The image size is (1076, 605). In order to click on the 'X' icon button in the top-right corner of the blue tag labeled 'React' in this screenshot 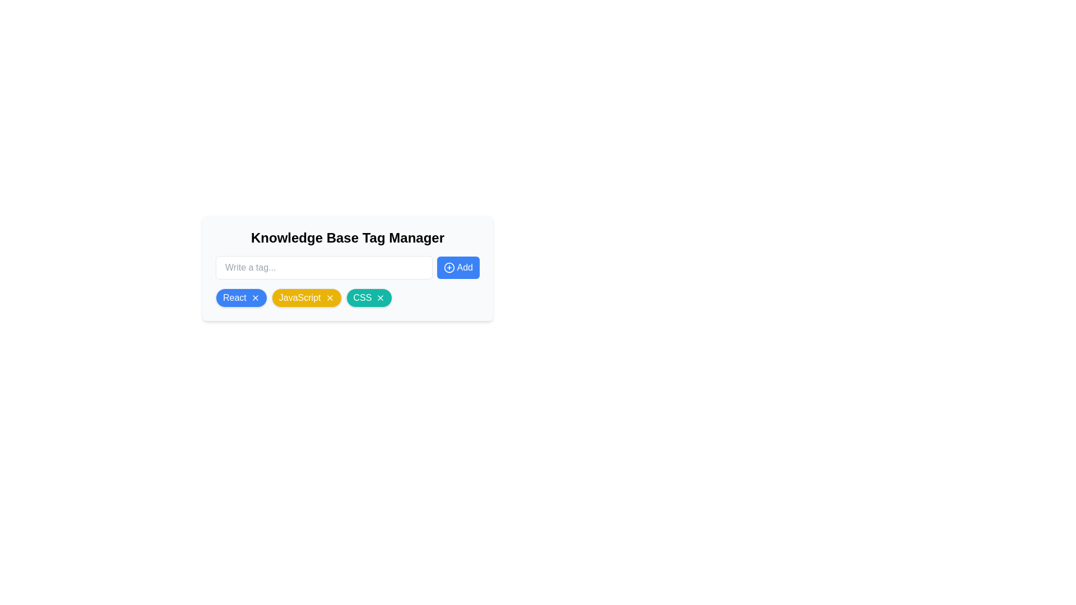, I will do `click(254, 297)`.